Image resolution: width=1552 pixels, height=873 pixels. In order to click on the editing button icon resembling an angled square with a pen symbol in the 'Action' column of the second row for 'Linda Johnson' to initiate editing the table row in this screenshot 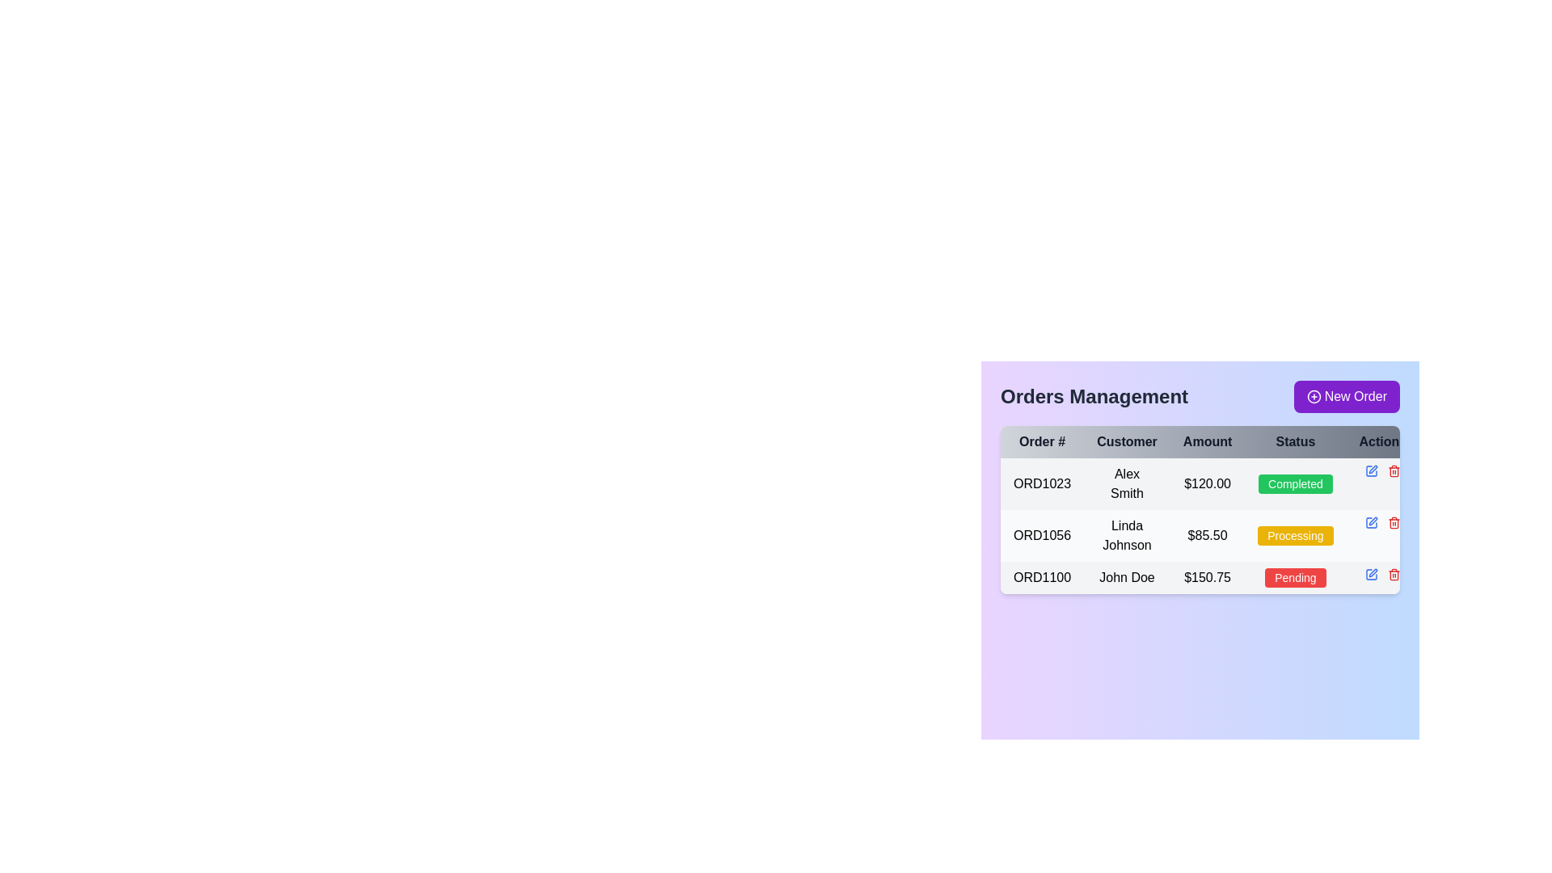, I will do `click(1372, 470)`.